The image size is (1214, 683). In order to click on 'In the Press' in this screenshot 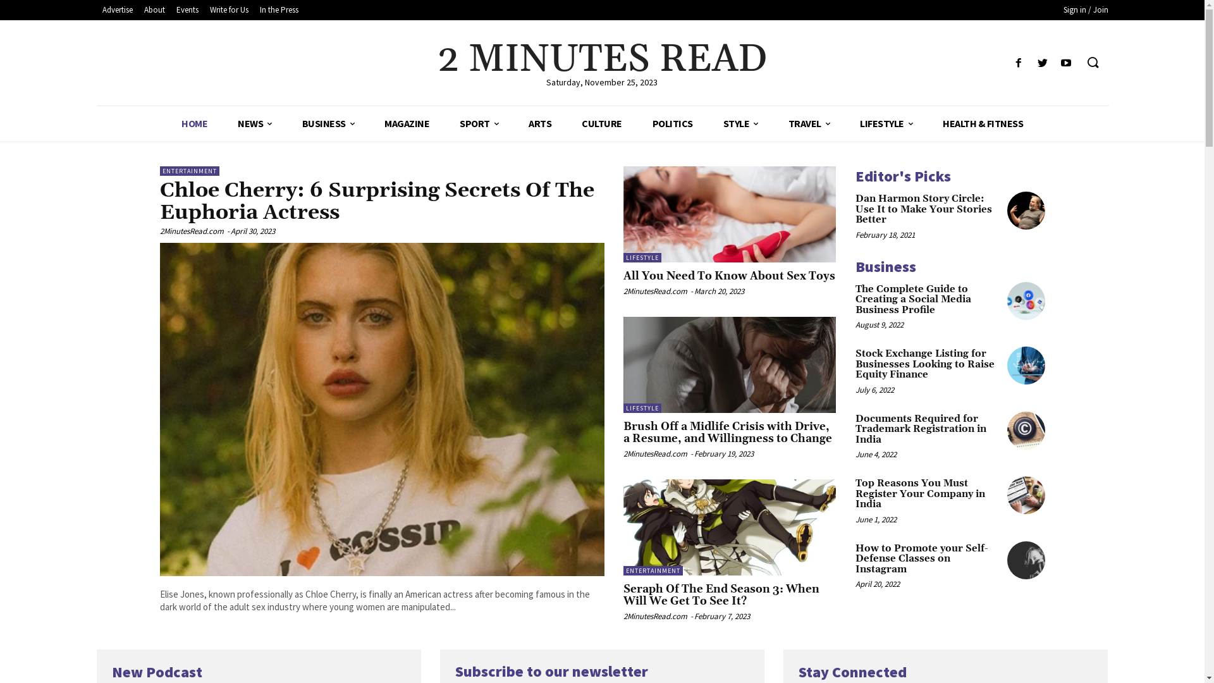, I will do `click(278, 9)`.